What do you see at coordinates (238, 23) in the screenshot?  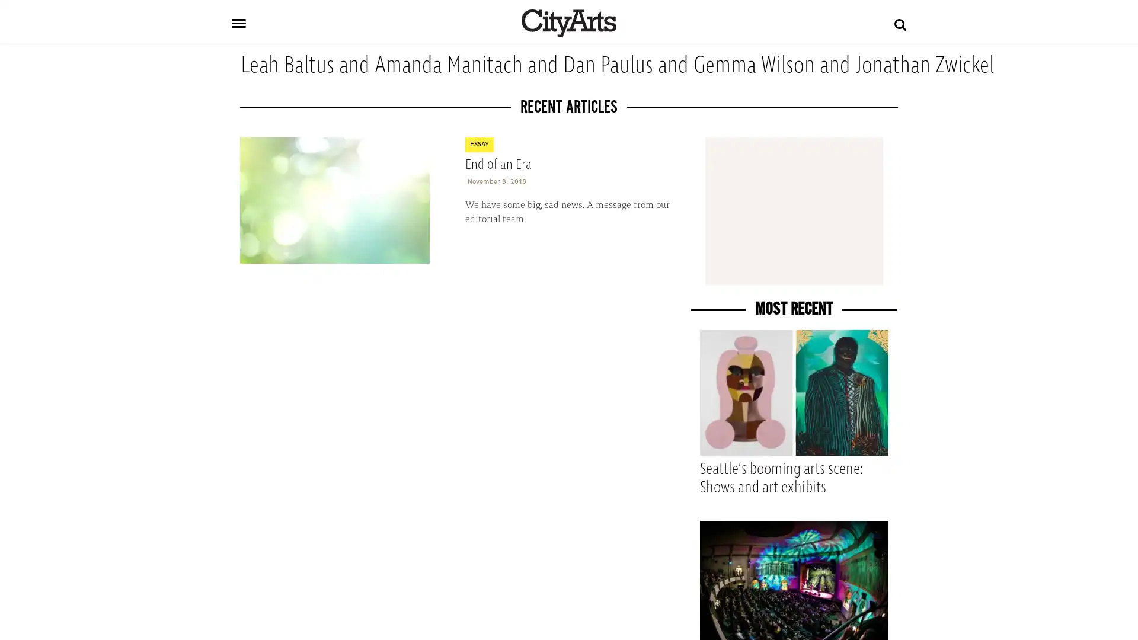 I see `Toggle navigation` at bounding box center [238, 23].